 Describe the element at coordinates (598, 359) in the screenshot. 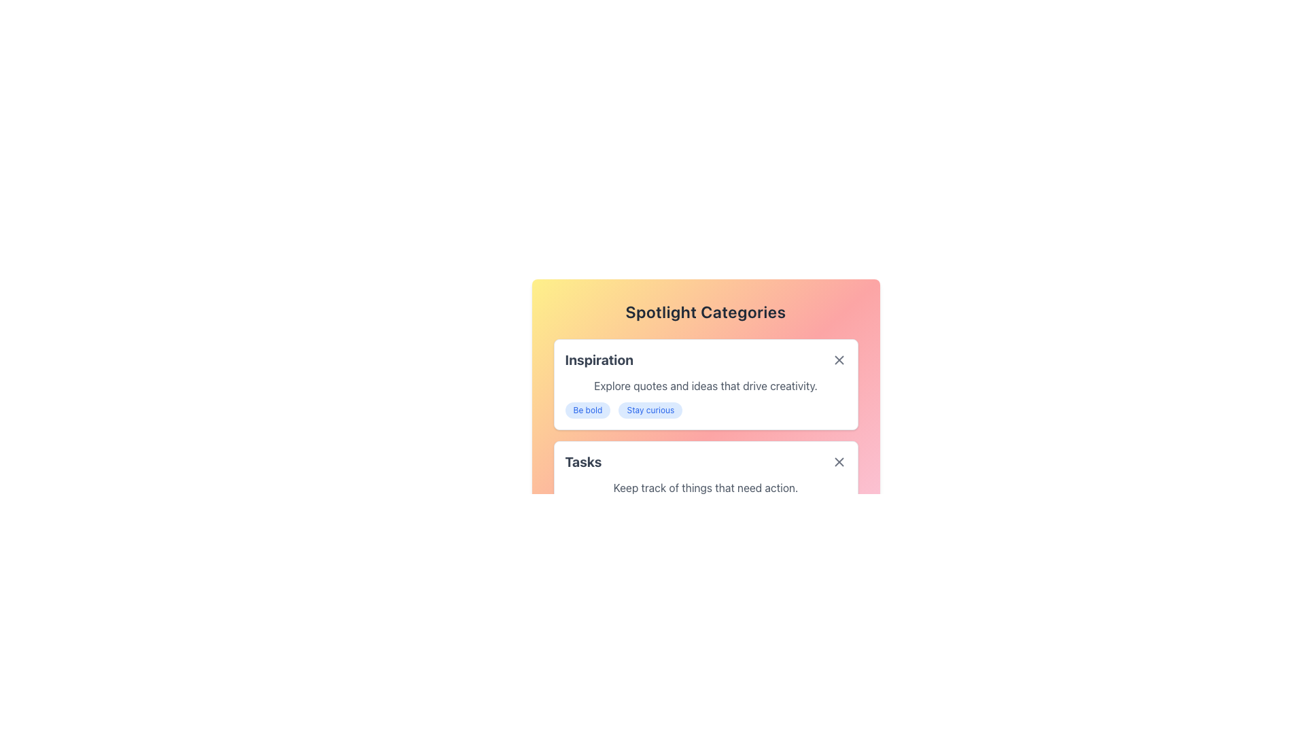

I see `the text label displaying 'Inspiration' in bold and extra-large gray font, located near the top-left corner of the card labeled 'Spotlight Categories'` at that location.